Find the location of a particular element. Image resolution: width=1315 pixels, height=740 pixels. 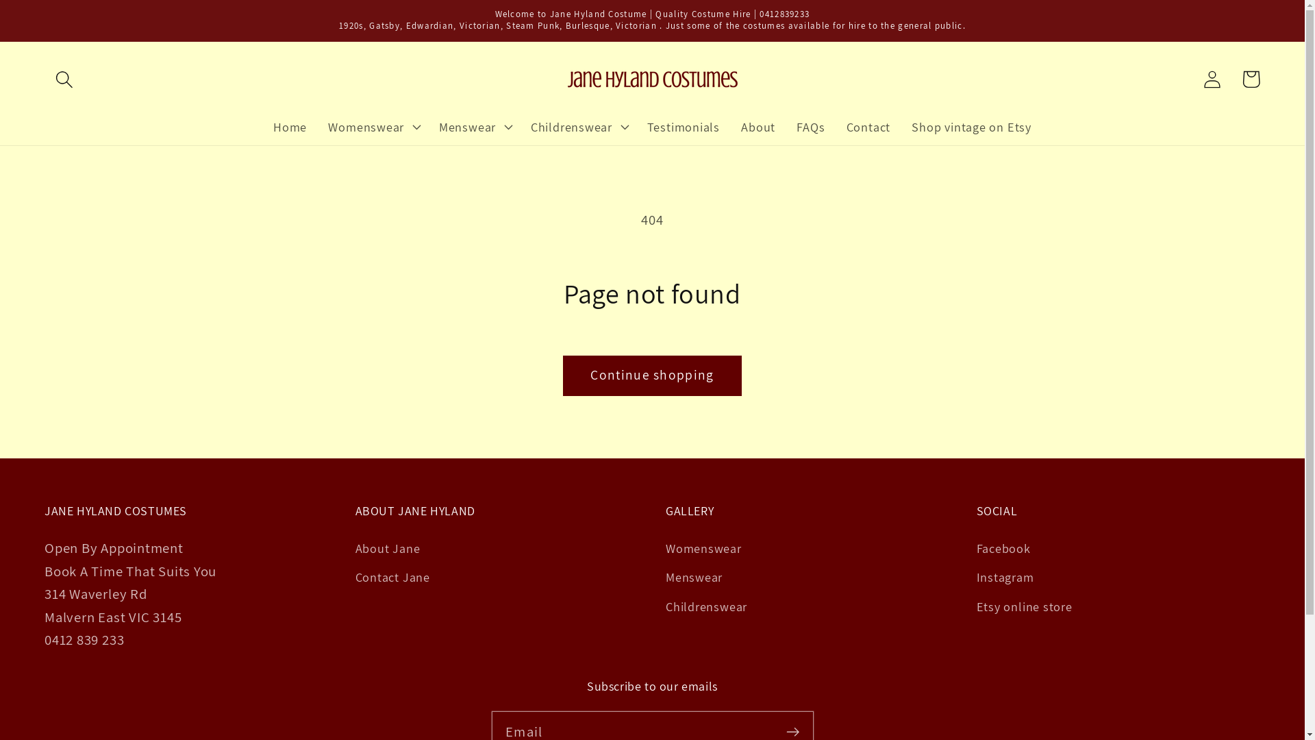

'Log in' is located at coordinates (1212, 79).